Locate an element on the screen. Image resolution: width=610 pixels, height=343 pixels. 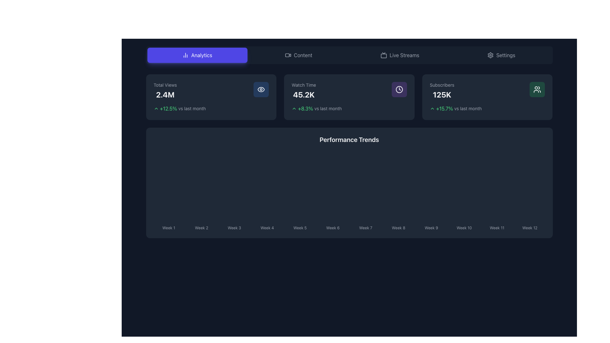
the label that denotes 'Week 9' in the performance trend visual representation, which is the ninth item in a horizontal sequence of labels beneath 'Performance Trends' is located at coordinates (431, 226).